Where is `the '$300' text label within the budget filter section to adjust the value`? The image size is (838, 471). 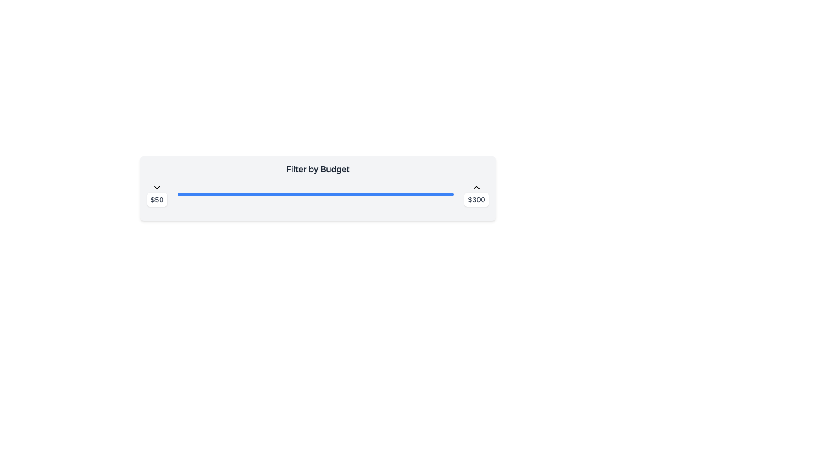
the '$300' text label within the budget filter section to adjust the value is located at coordinates (476, 194).